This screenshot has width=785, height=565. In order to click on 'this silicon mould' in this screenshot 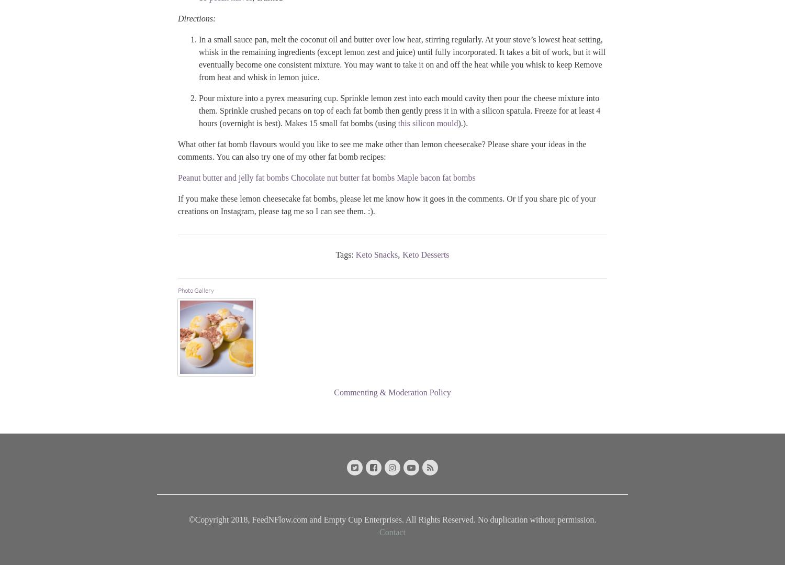, I will do `click(398, 122)`.